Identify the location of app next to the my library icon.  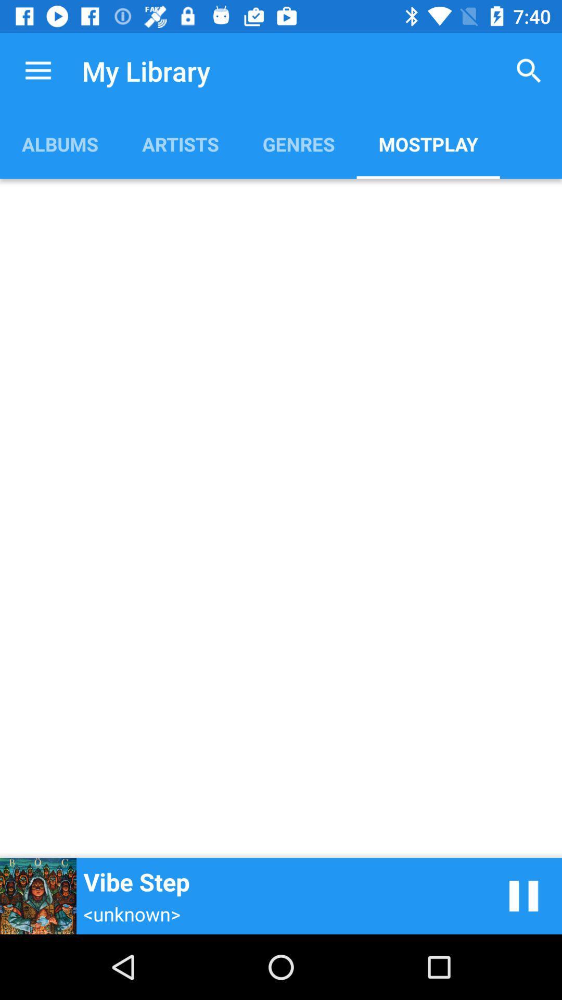
(37, 70).